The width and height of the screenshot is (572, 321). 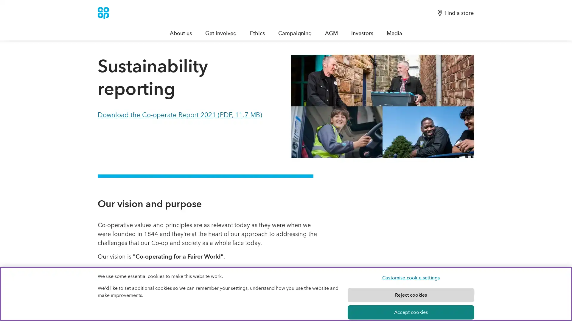 What do you see at coordinates (410, 312) in the screenshot?
I see `Accept cookies` at bounding box center [410, 312].